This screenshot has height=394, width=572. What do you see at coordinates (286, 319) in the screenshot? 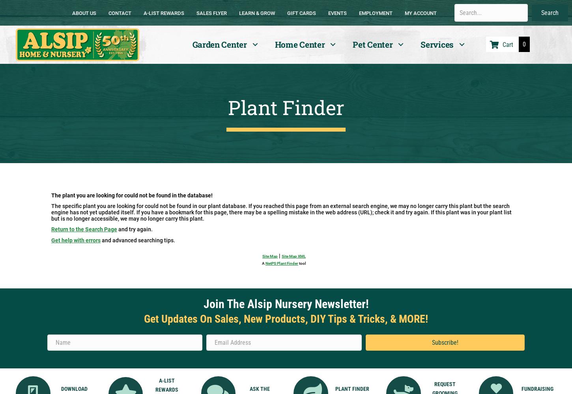
I see `'Get Updates on Sales, New Products, DIY Tips & Tricks, & MORE!'` at bounding box center [286, 319].